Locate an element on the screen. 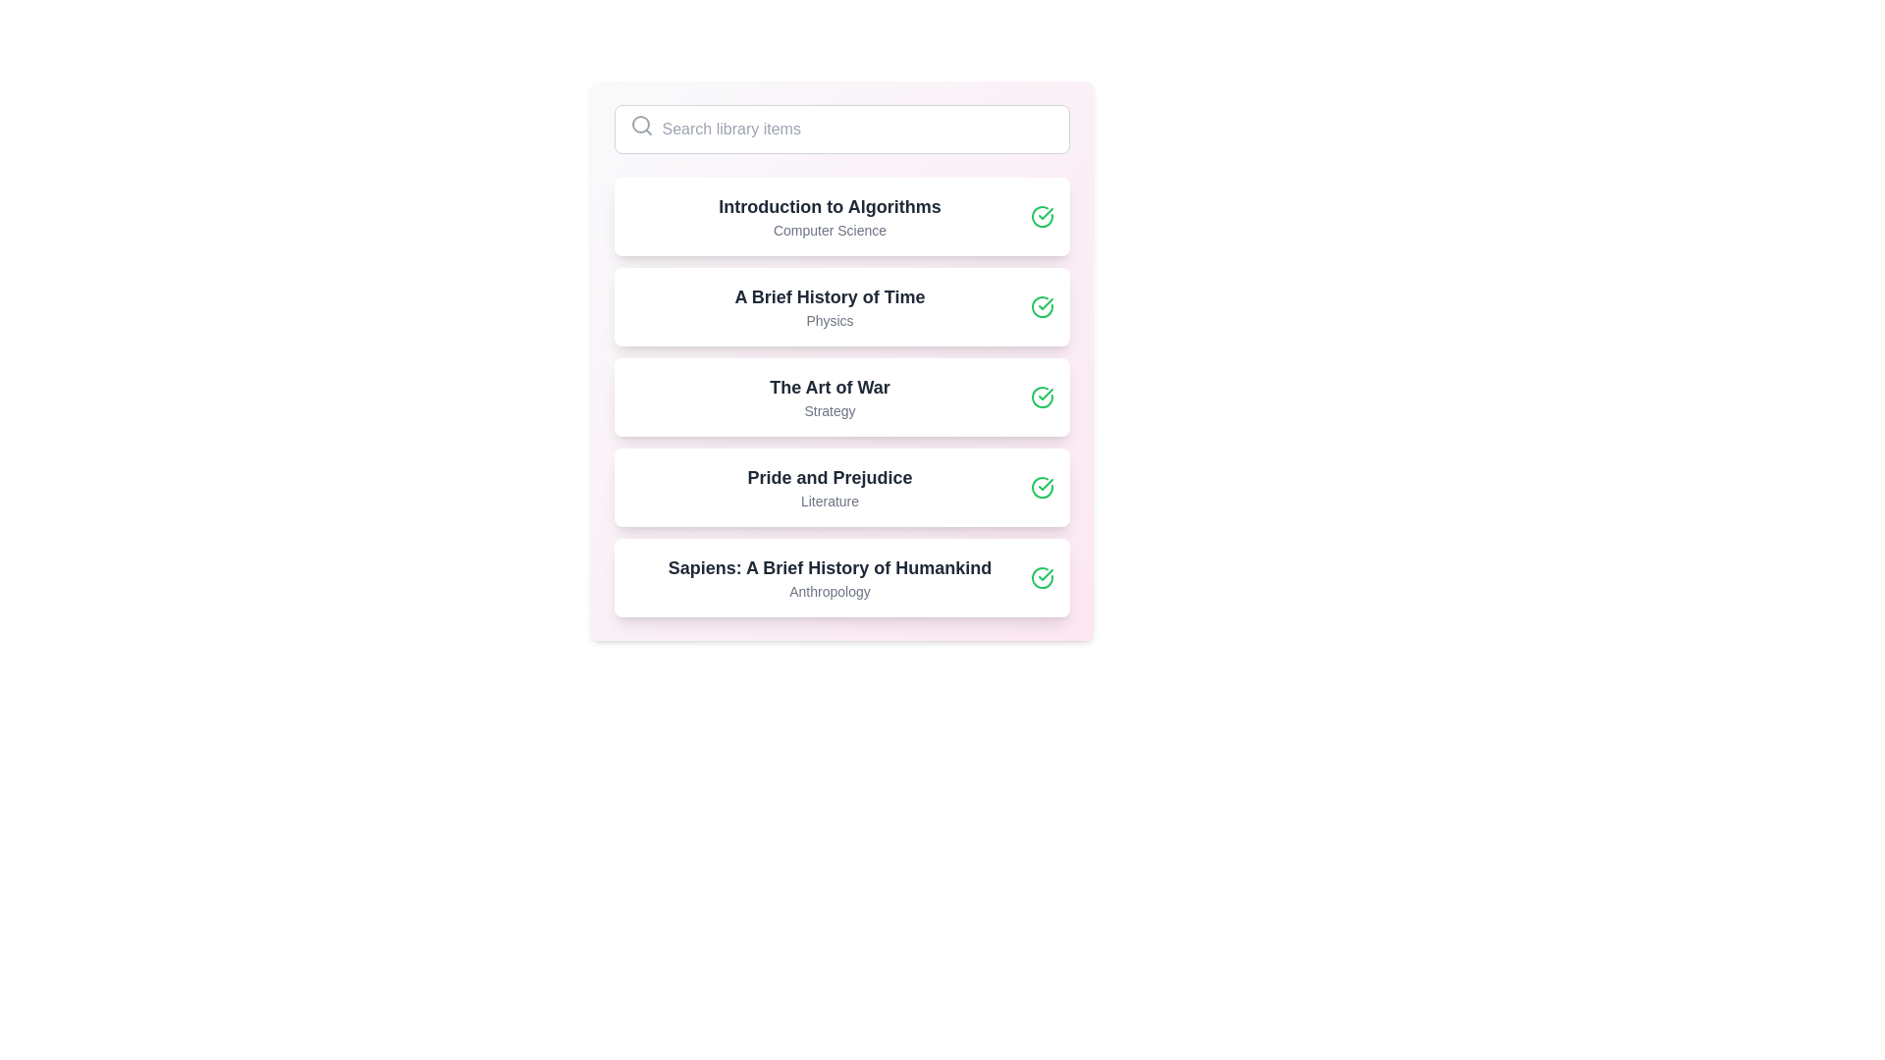 The image size is (1885, 1060). the success indicator icon located in the top-right corner of the 'Introduction to Algorithms' card is located at coordinates (1041, 216).